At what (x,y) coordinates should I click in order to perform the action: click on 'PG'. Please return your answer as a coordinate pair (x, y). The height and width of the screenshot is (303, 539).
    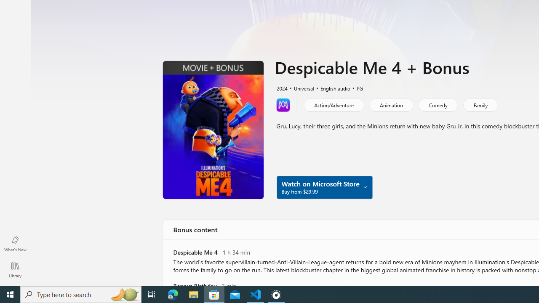
    Looking at the image, I should click on (356, 88).